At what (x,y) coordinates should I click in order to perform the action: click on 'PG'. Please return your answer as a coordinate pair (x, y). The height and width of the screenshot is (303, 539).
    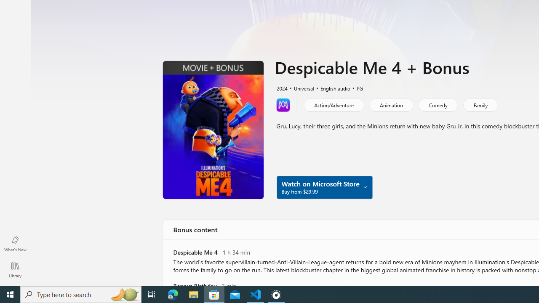
    Looking at the image, I should click on (356, 88).